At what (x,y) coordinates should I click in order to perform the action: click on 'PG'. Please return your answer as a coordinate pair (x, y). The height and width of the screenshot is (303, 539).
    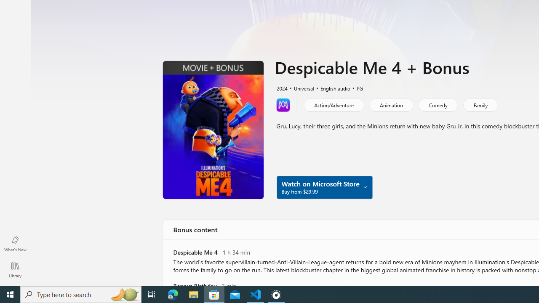
    Looking at the image, I should click on (356, 88).